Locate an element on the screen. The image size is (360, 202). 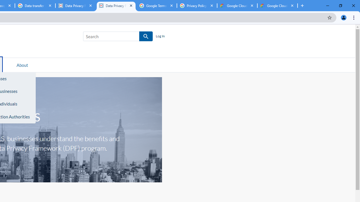
'SEARCH' is located at coordinates (146, 36).